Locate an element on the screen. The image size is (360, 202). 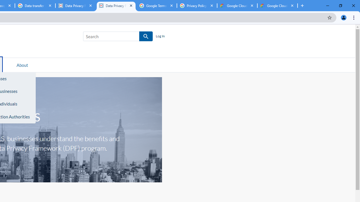
'SEARCH' is located at coordinates (146, 36).